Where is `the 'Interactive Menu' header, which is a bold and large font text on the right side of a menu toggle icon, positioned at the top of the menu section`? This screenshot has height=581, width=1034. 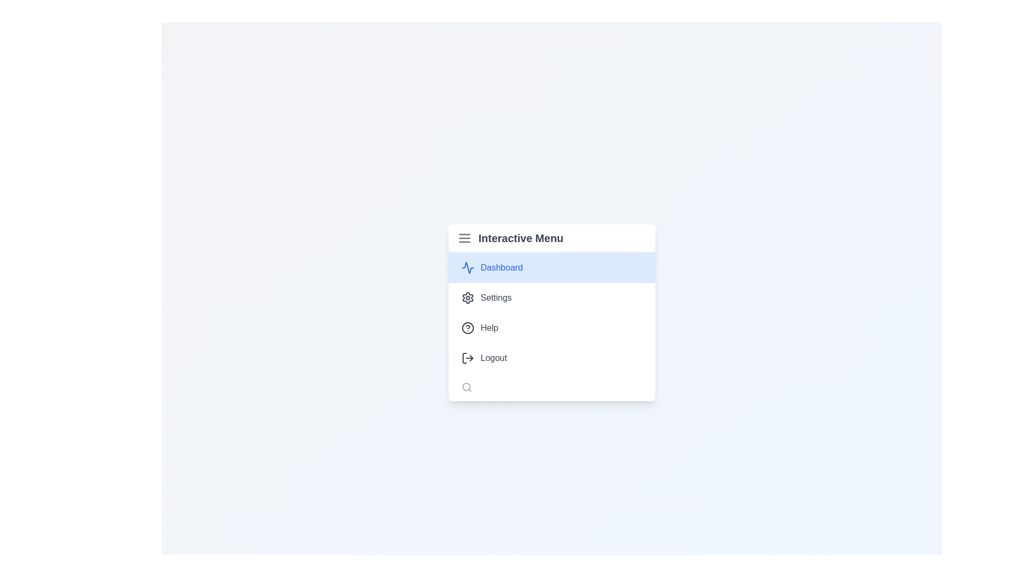 the 'Interactive Menu' header, which is a bold and large font text on the right side of a menu toggle icon, positioned at the top of the menu section is located at coordinates (551, 238).